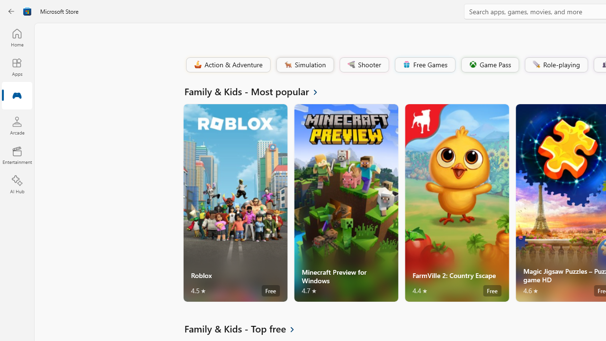  What do you see at coordinates (17, 96) in the screenshot?
I see `'Gaming'` at bounding box center [17, 96].